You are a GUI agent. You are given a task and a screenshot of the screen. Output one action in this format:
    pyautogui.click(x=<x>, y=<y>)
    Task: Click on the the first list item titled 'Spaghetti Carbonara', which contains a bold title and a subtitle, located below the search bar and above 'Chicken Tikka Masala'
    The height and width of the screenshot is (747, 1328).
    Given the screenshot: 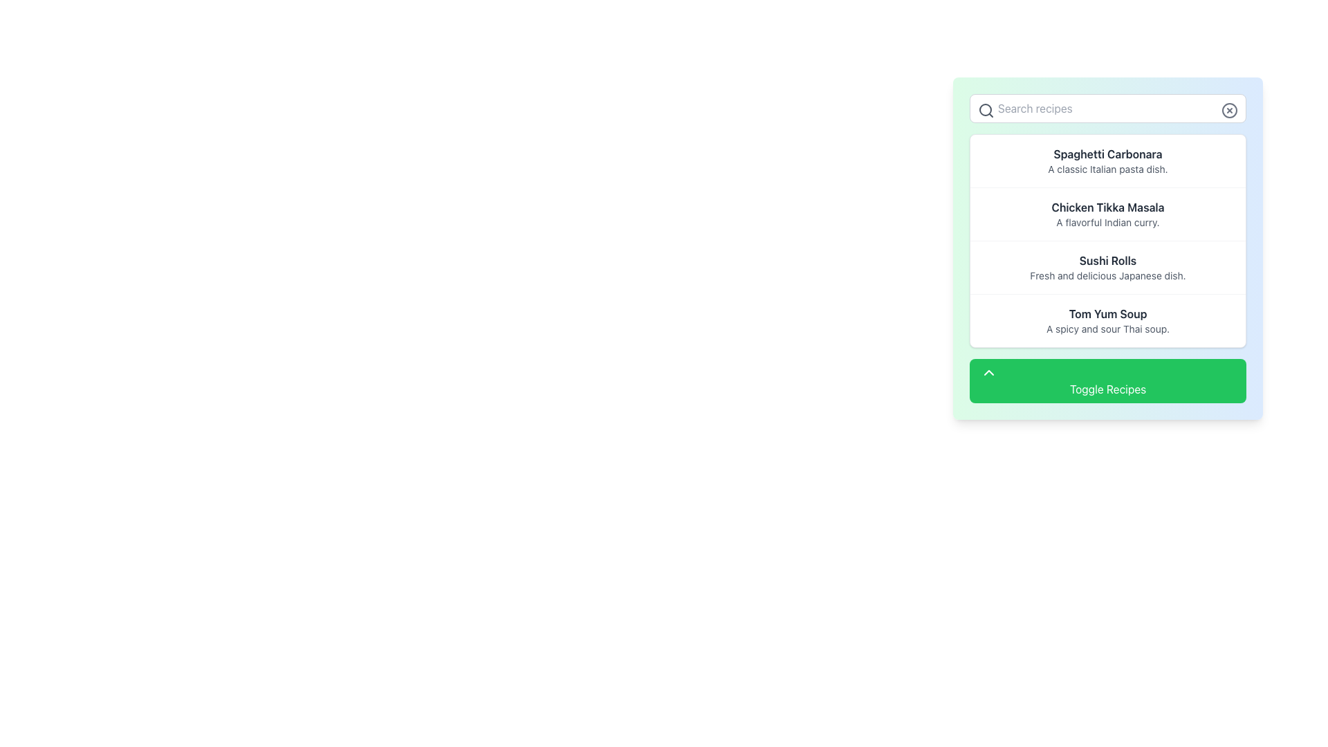 What is the action you would take?
    pyautogui.click(x=1108, y=160)
    